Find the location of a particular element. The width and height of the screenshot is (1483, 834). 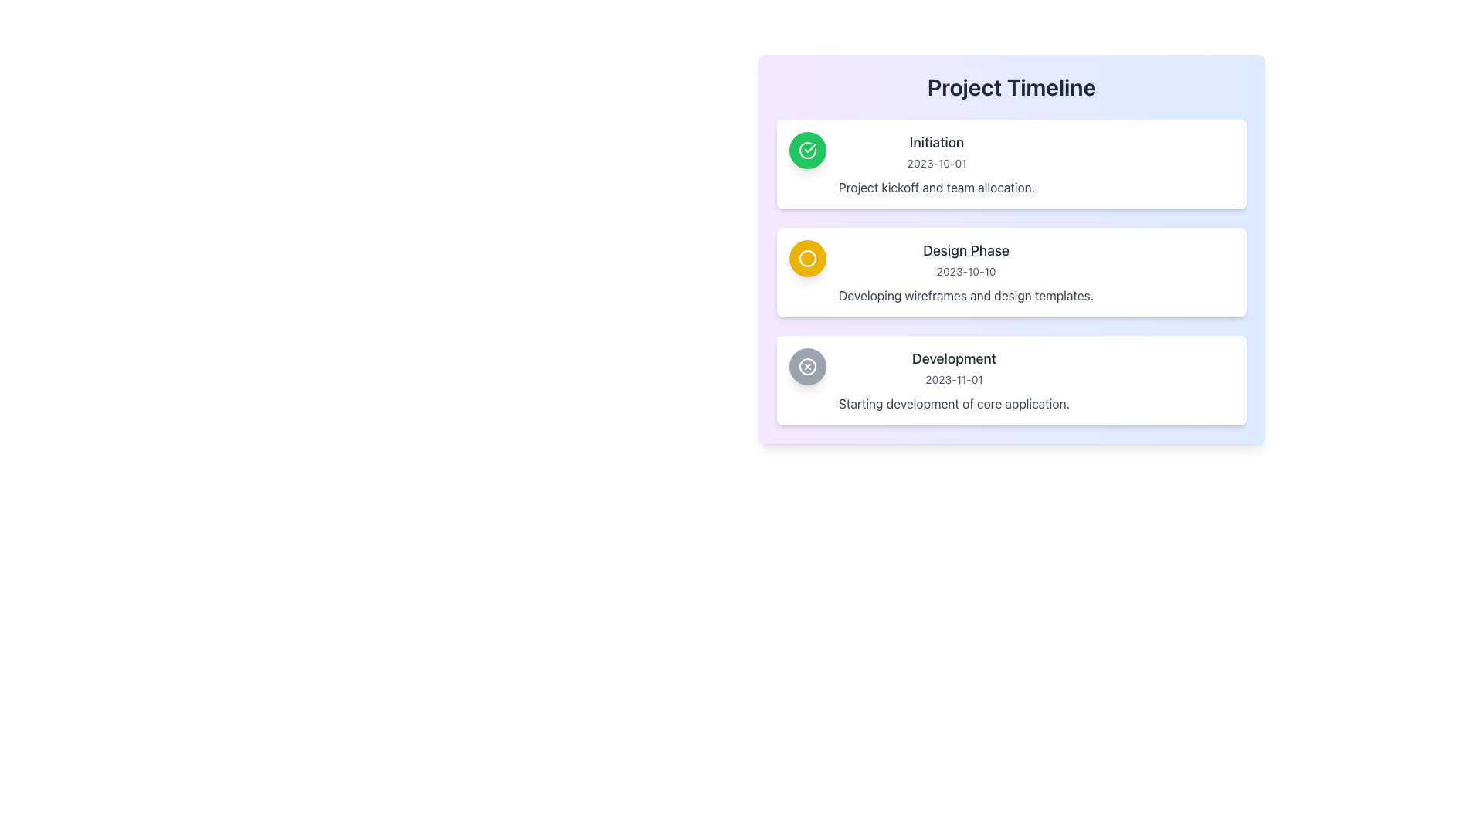

the text '2023-11-01' located in the timeline interface, which is styled in light gray and positioned below the 'Development' header, to engage with adjacent elements for context is located at coordinates (953, 379).